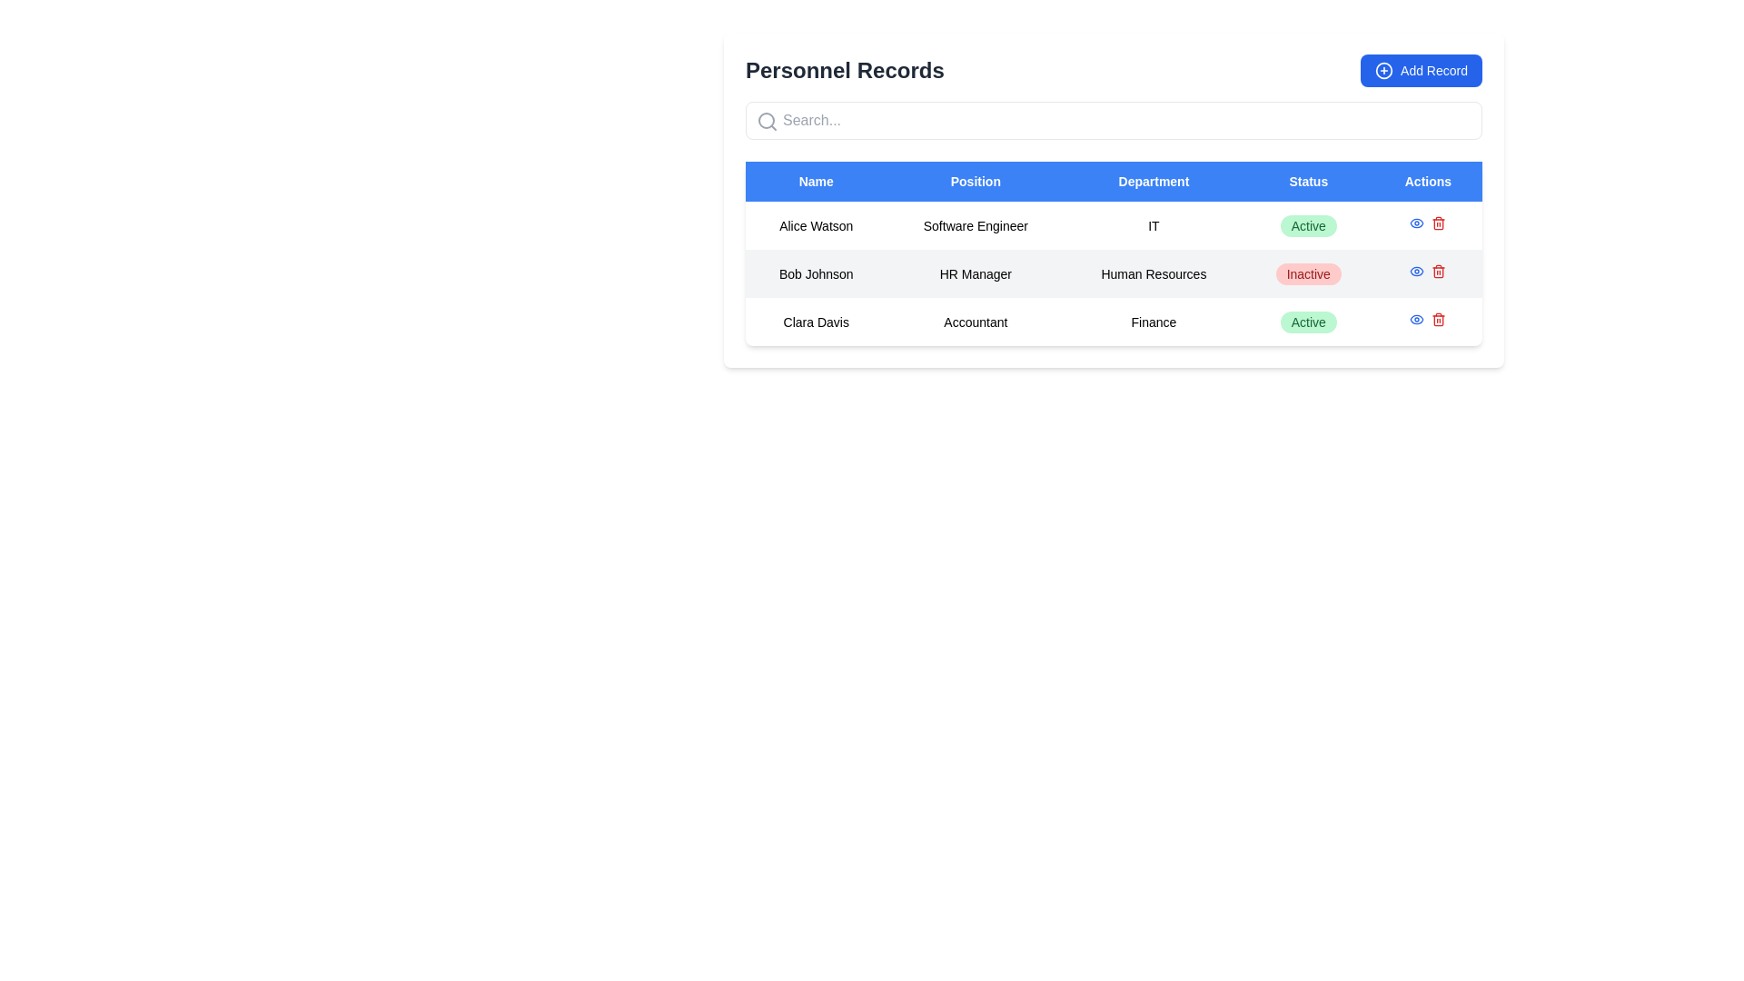  I want to click on the group of icon buttons containing a blue eye icon and a red trashcan icon located in the 'Actions' column of Alice Watson's record, so click(1427, 224).